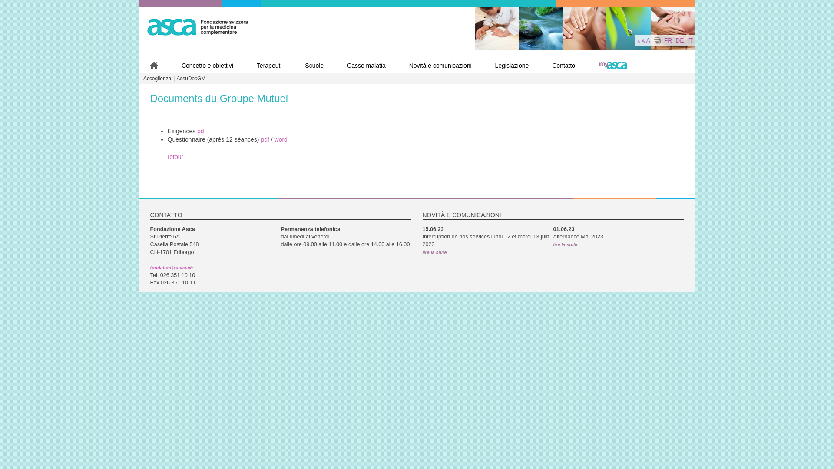 The width and height of the screenshot is (834, 469). What do you see at coordinates (563, 65) in the screenshot?
I see `'Contatto'` at bounding box center [563, 65].